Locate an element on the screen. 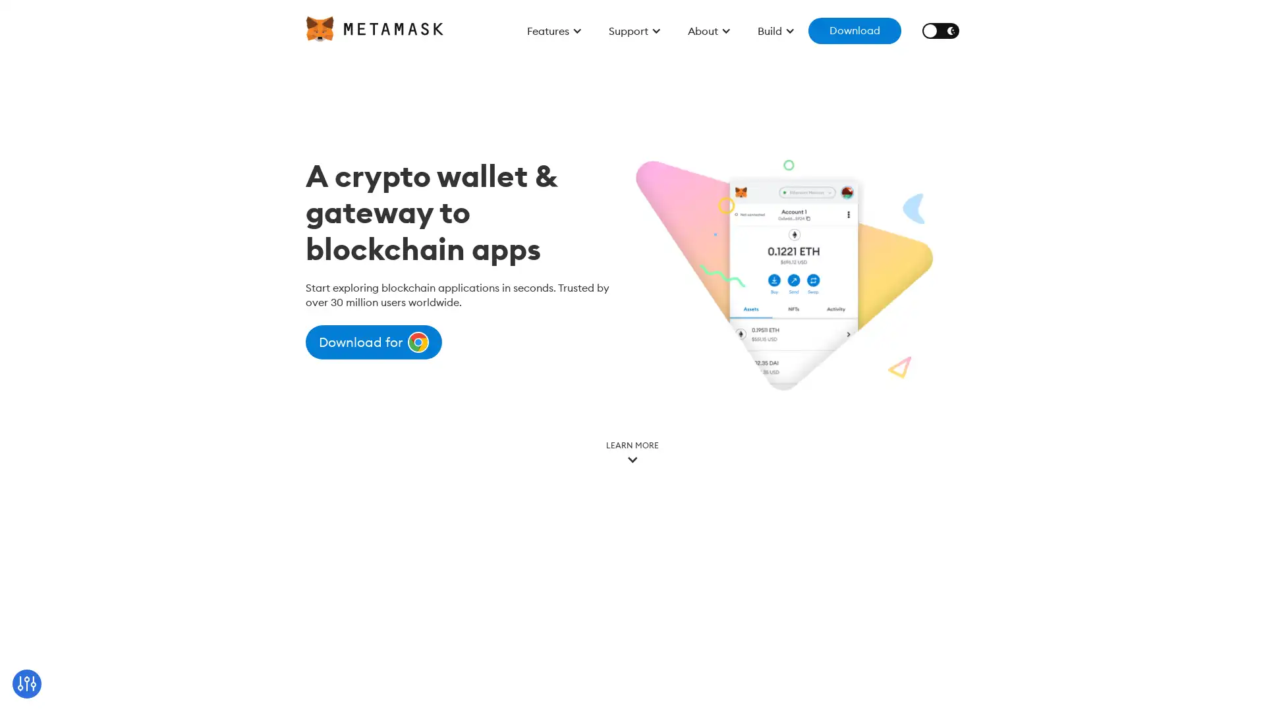 This screenshot has height=711, width=1265. Open accessibility options, statement and help is located at coordinates (28, 682).